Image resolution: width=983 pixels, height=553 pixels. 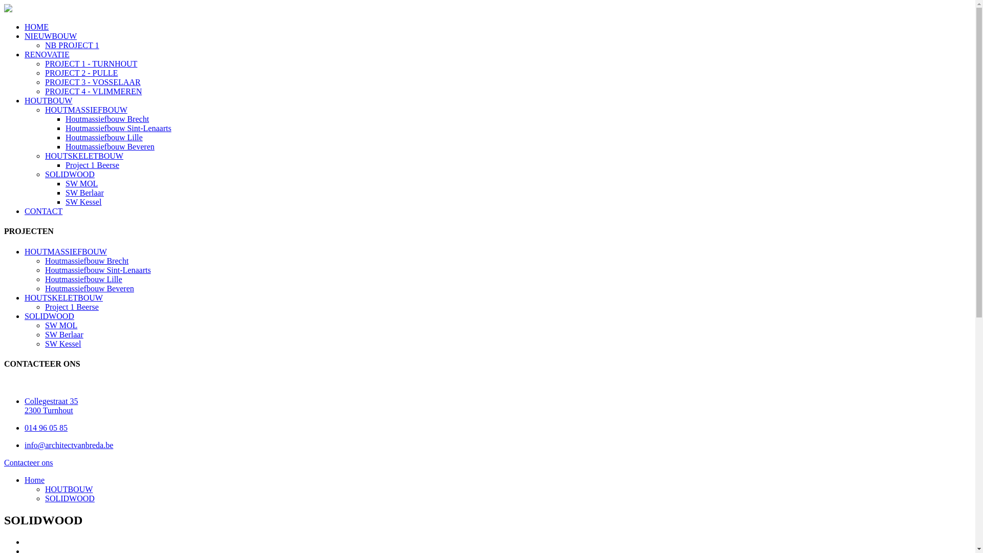 I want to click on 'NIEUWBOUW', so click(x=50, y=35).